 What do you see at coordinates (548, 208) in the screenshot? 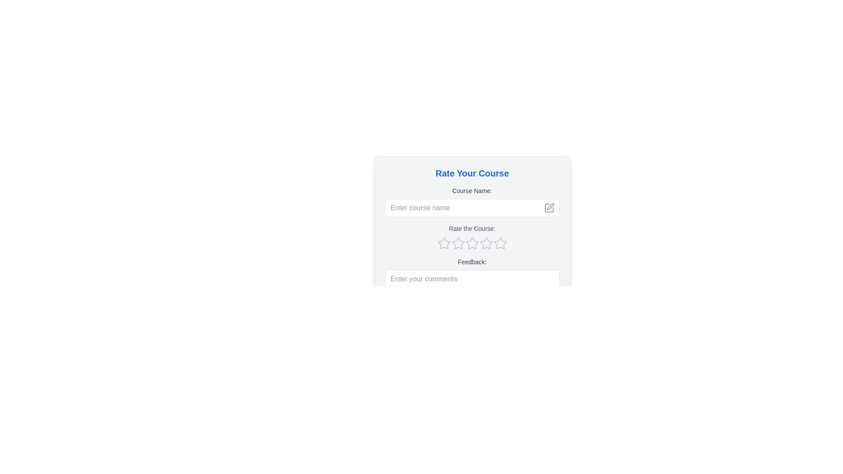
I see `the edit action icon located at the far-right side of the course name input field, aligned with the middle of the input box` at bounding box center [548, 208].